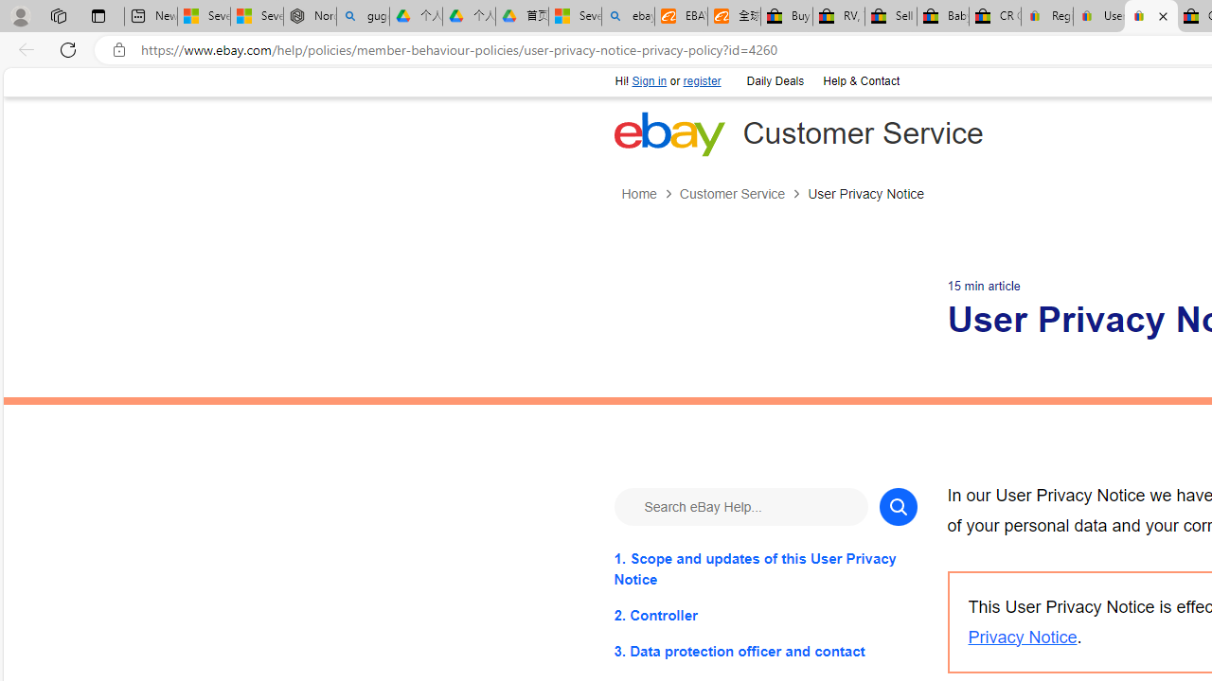 The image size is (1212, 681). What do you see at coordinates (860, 81) in the screenshot?
I see `'Help & Contact'` at bounding box center [860, 81].